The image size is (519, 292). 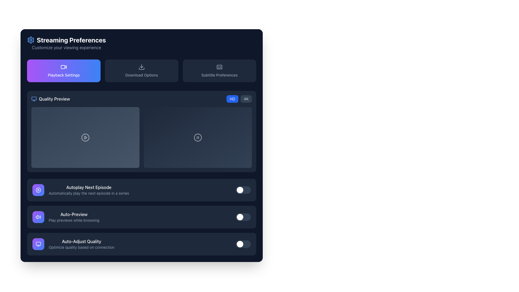 What do you see at coordinates (141, 217) in the screenshot?
I see `the toggle switch for 'Auto-Preview'` at bounding box center [141, 217].